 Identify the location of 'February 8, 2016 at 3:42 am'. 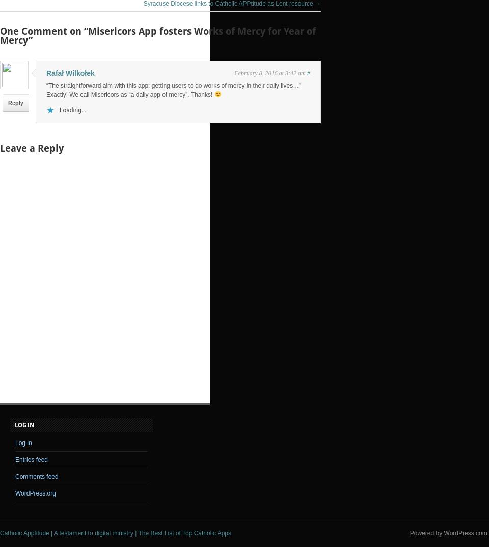
(234, 72).